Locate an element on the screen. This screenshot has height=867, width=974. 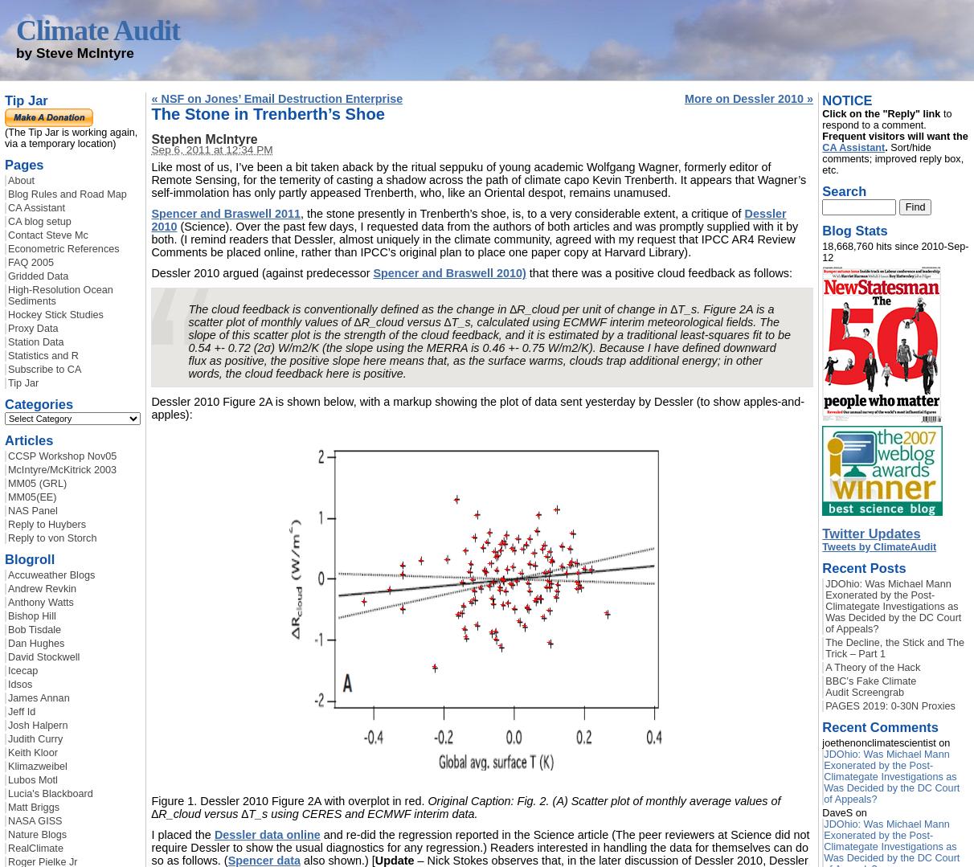
'Original Caption: Fig. 2. (A) Scatter plot of monthly average values of ∆R_cloud versus ∆T_s using CERES and ECMWF interim data.' is located at coordinates (465, 807).